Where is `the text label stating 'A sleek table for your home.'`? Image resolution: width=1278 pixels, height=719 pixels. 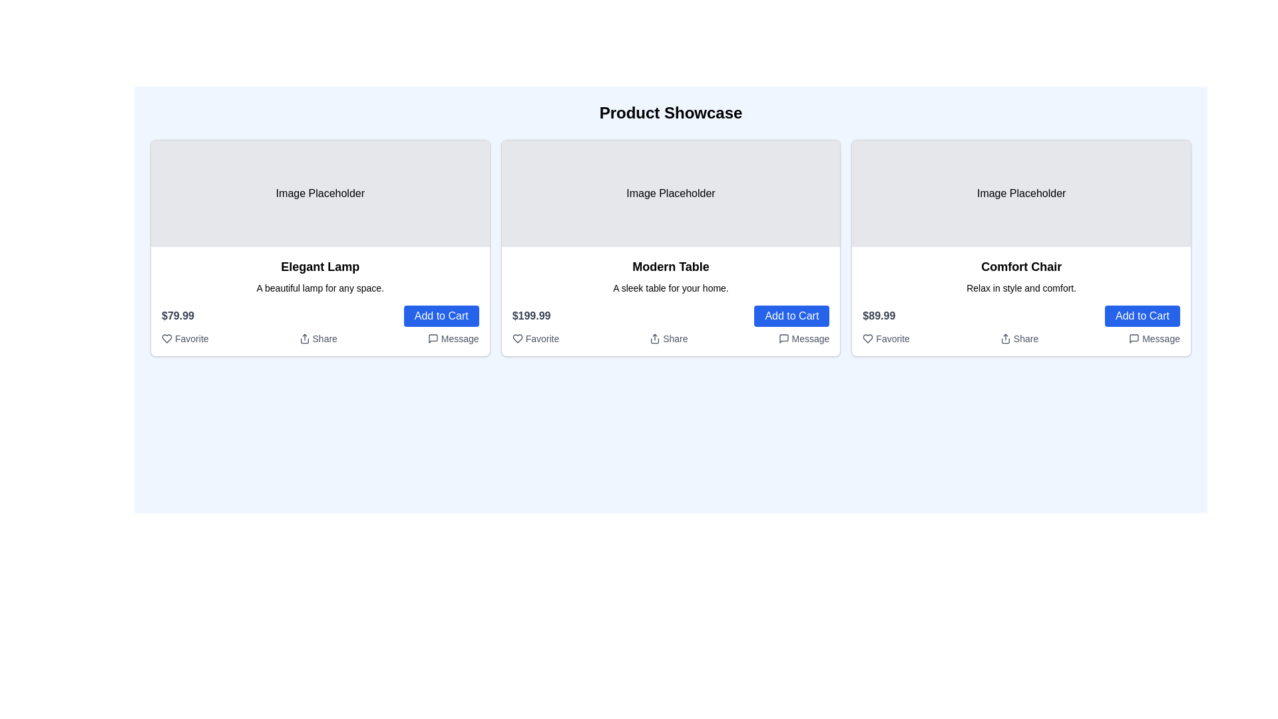
the text label stating 'A sleek table for your home.' is located at coordinates (671, 287).